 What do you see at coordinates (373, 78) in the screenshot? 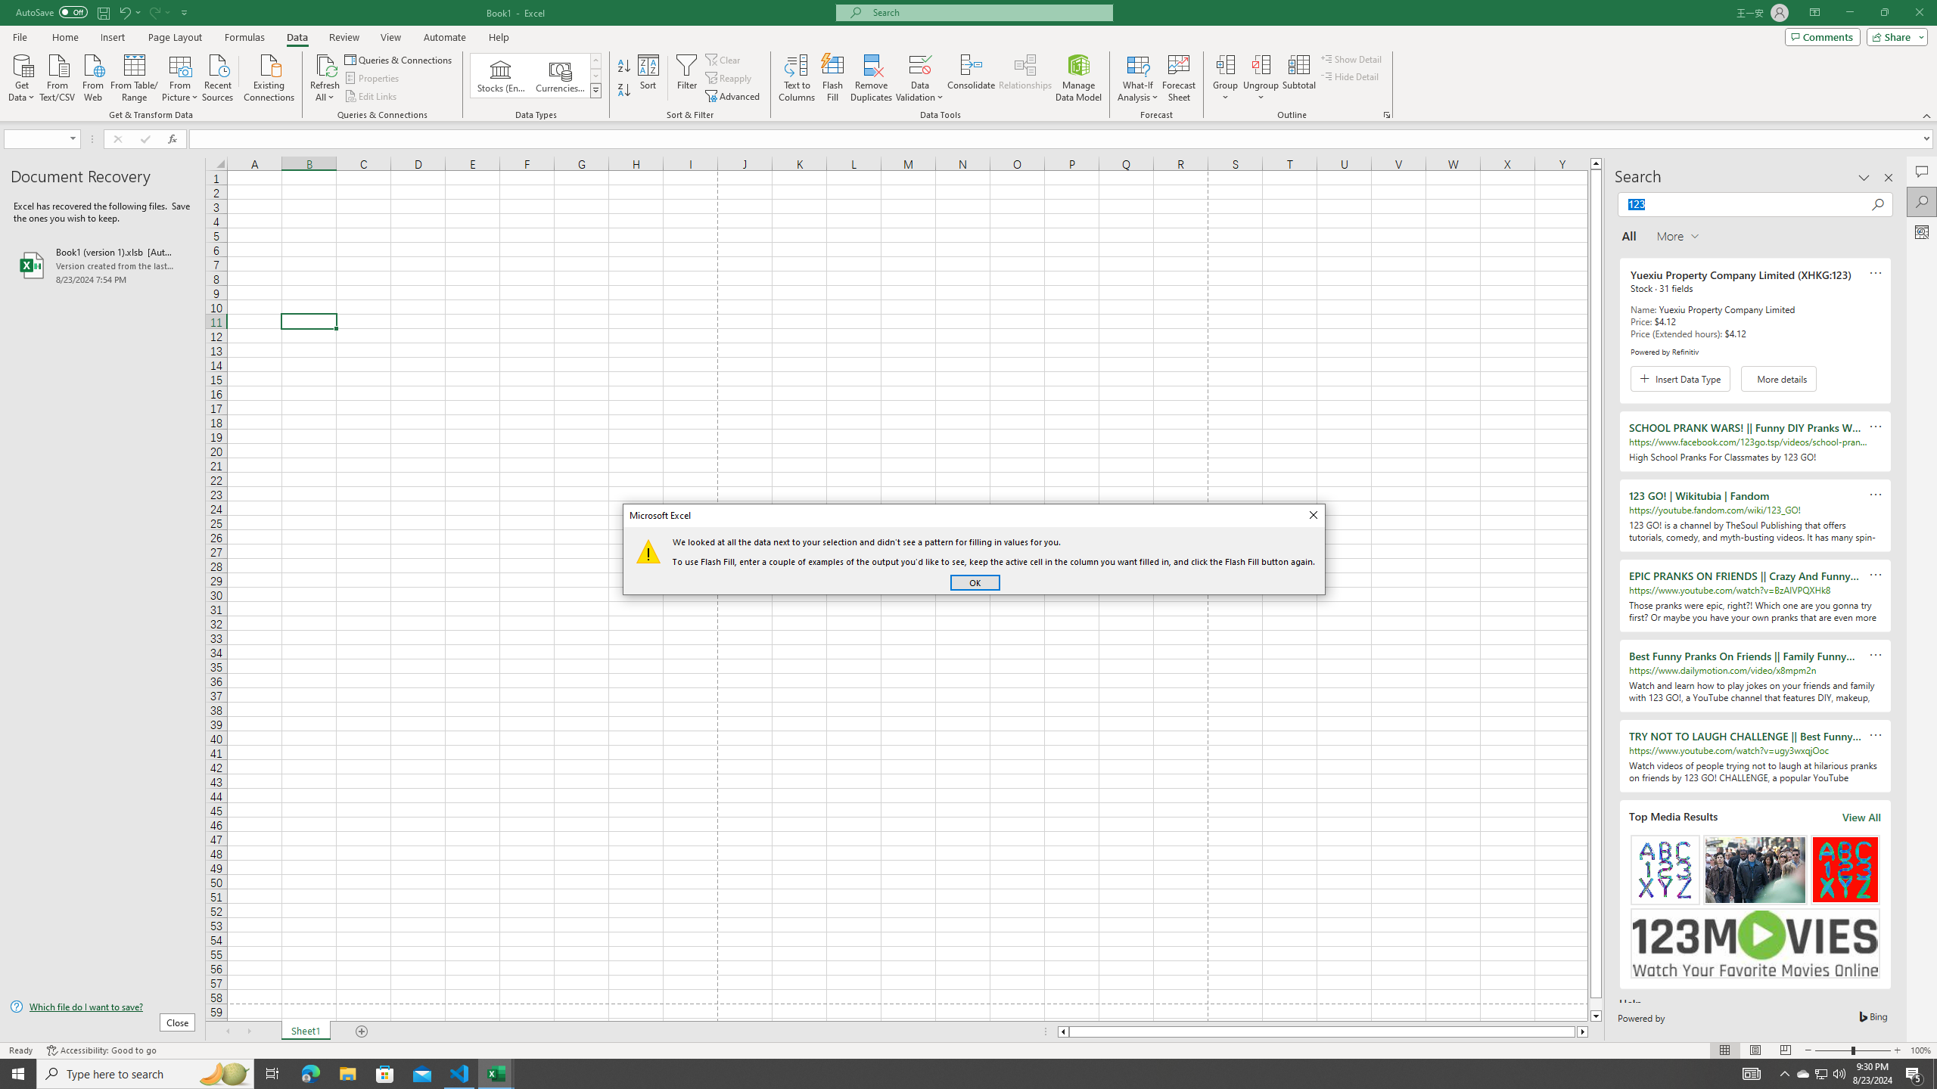
I see `'Properties'` at bounding box center [373, 78].